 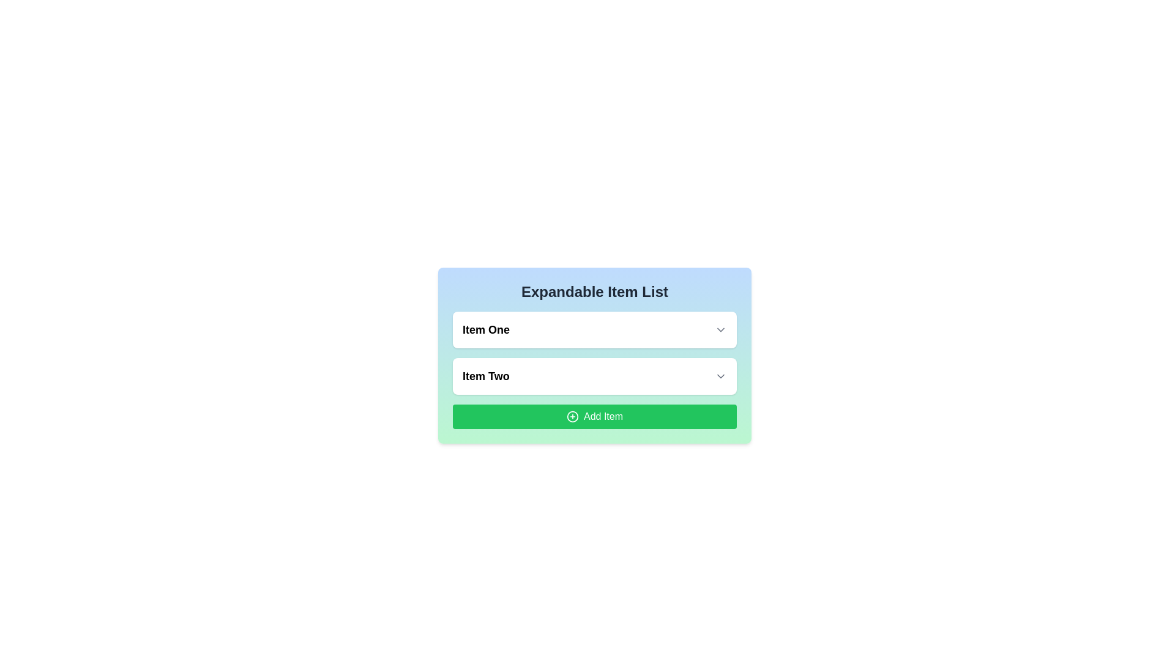 I want to click on the Interactive icon (dropdown activator) located at the far right of the 'Item One' row to potentially trigger a hover effect, so click(x=720, y=330).